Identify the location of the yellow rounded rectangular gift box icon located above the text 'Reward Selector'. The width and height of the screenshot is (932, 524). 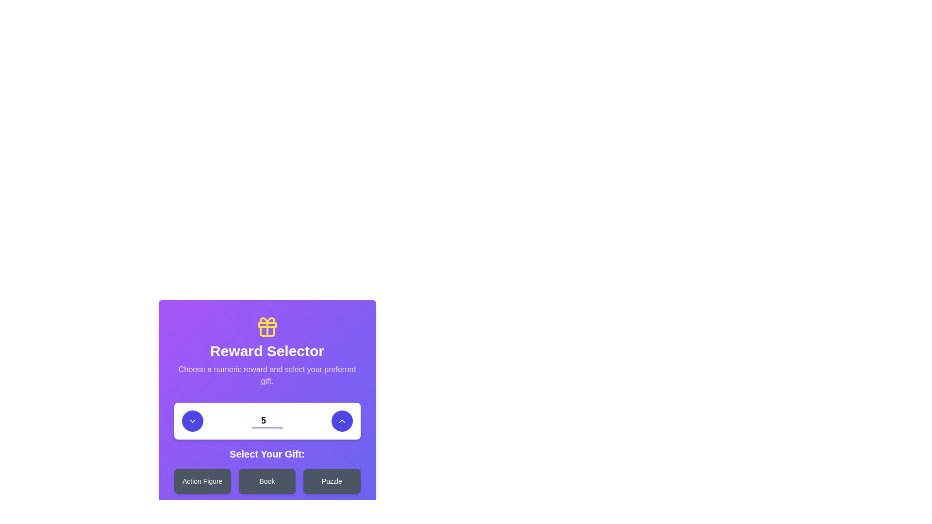
(267, 325).